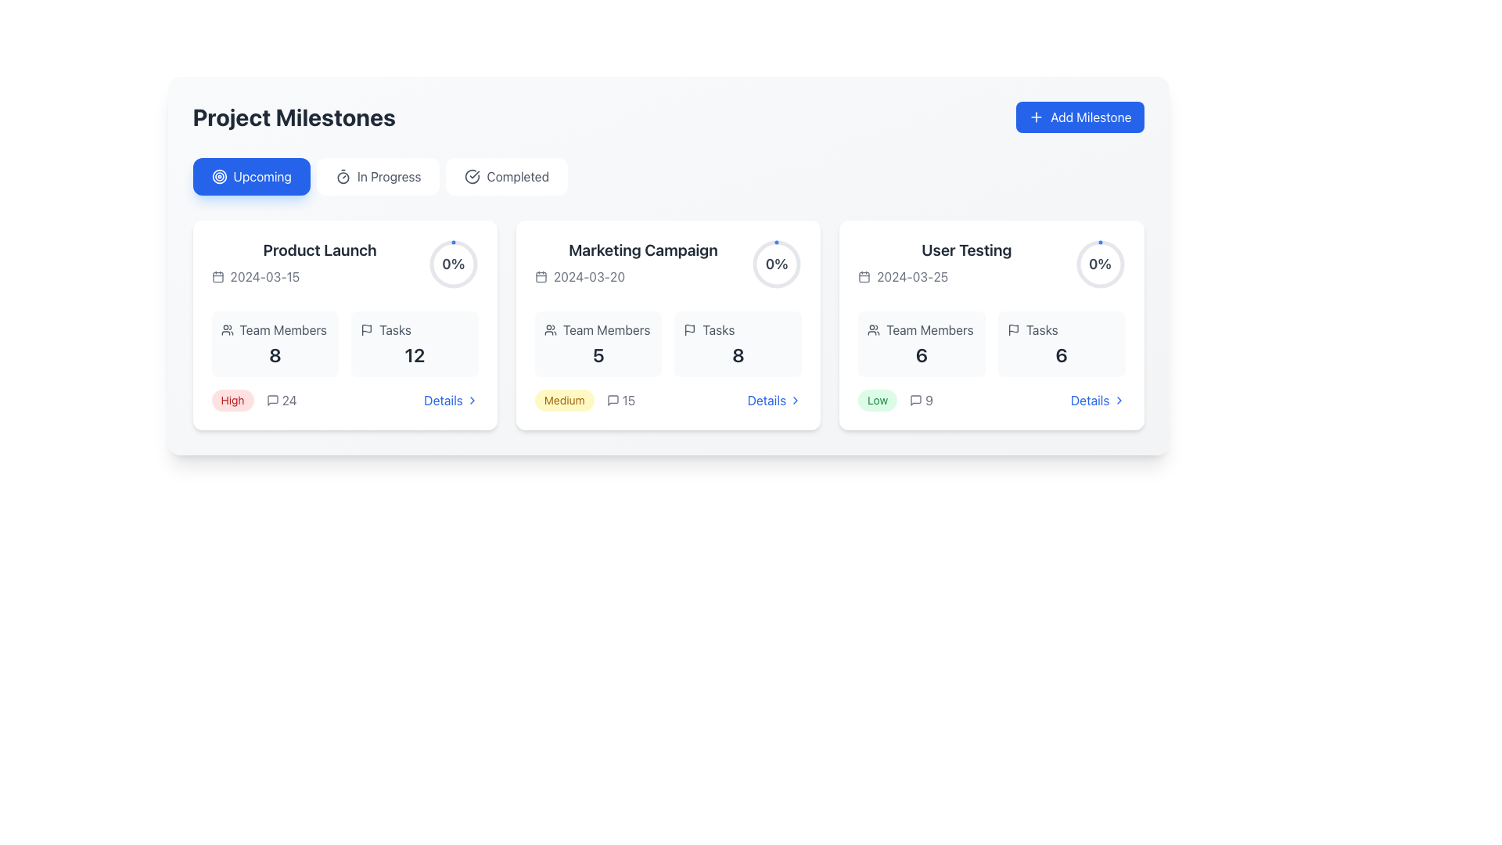 The width and height of the screenshot is (1502, 845). What do you see at coordinates (282, 400) in the screenshot?
I see `static text '24' displayed in gray font, which is positioned to the right of a speech bubble icon in the Product Launch card` at bounding box center [282, 400].